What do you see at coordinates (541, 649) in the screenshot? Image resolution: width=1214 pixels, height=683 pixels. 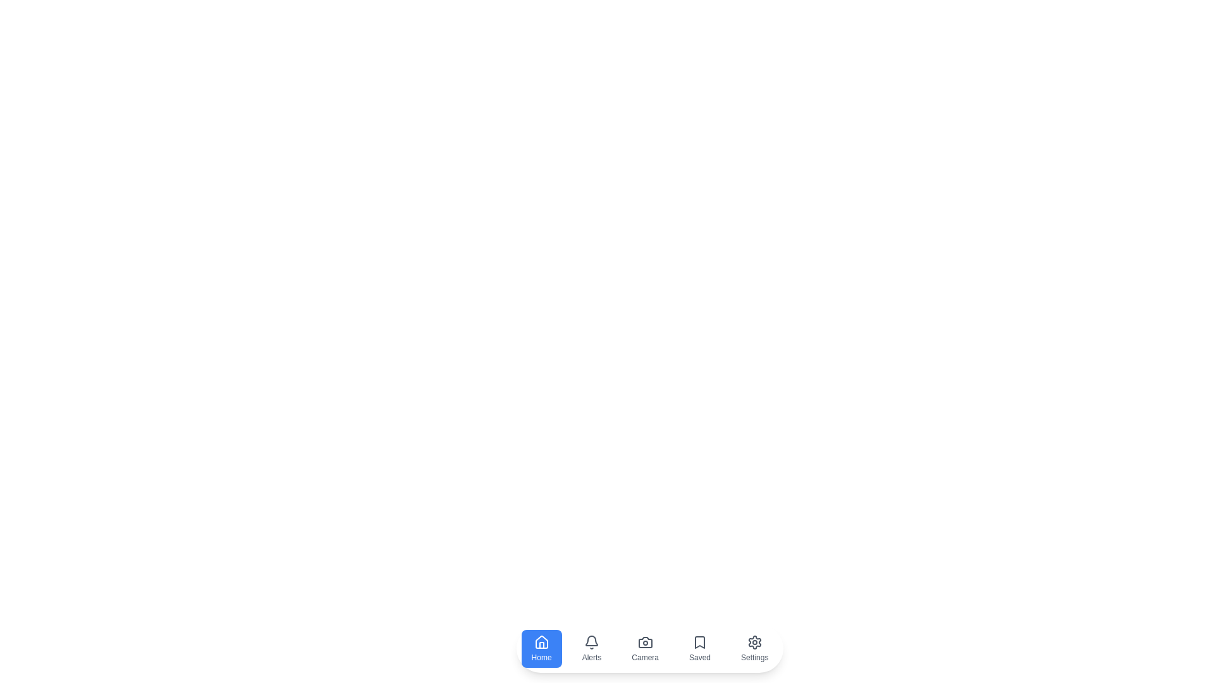 I see `the navigation item Home by clicking on its respective button` at bounding box center [541, 649].